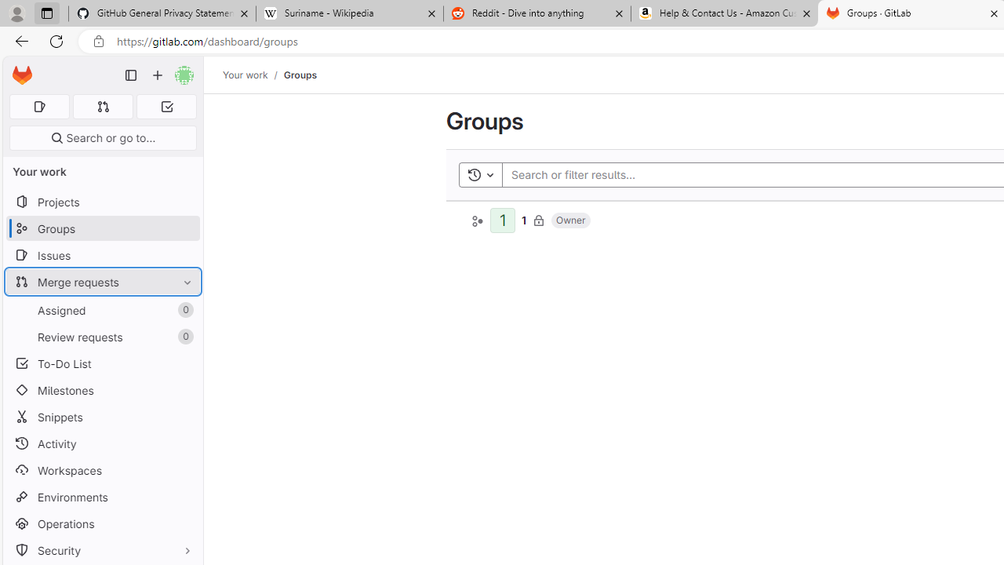 This screenshot has height=565, width=1004. Describe the element at coordinates (102, 416) in the screenshot. I see `'Snippets'` at that location.